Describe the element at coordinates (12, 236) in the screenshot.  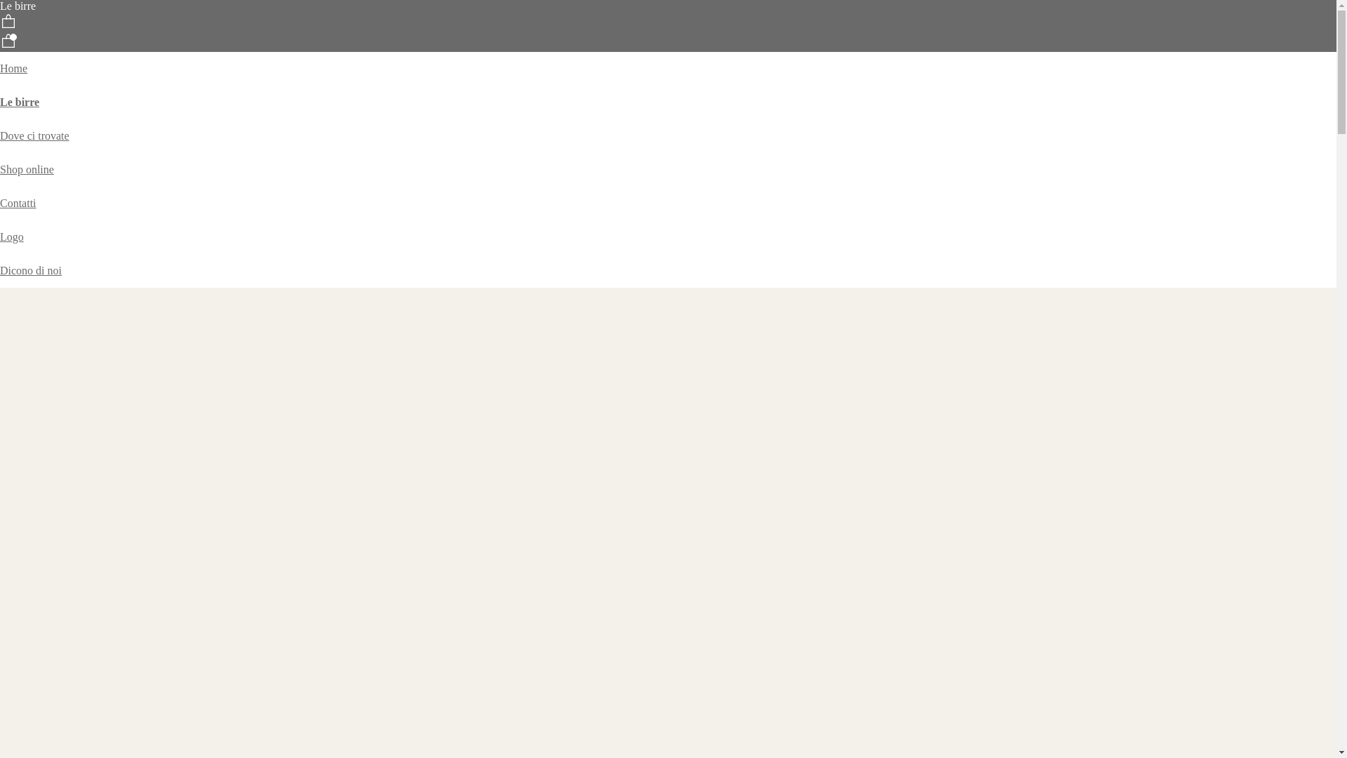
I see `'Logo'` at that location.